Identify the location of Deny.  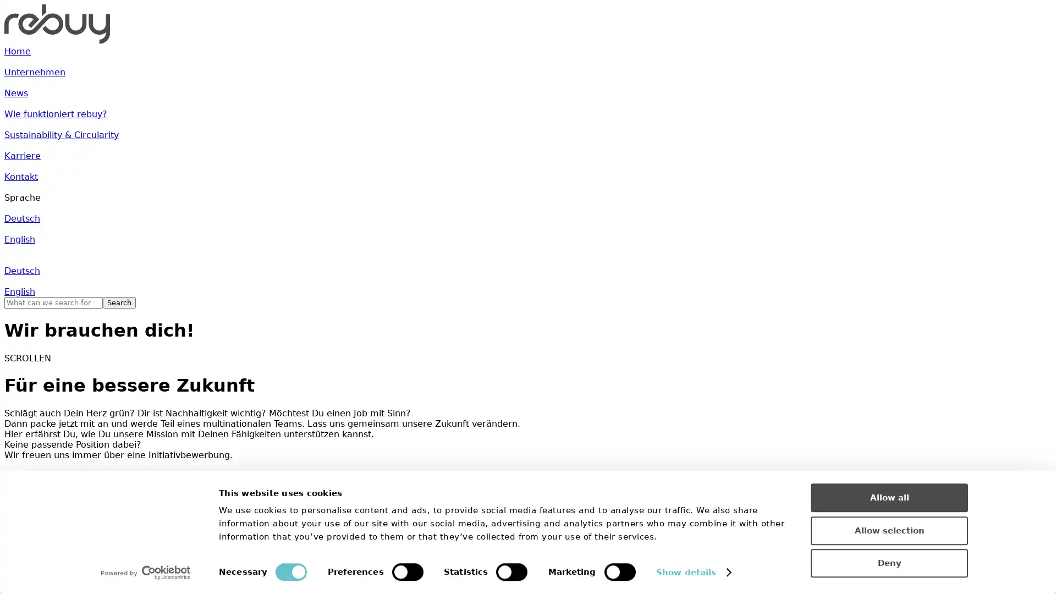
(889, 564).